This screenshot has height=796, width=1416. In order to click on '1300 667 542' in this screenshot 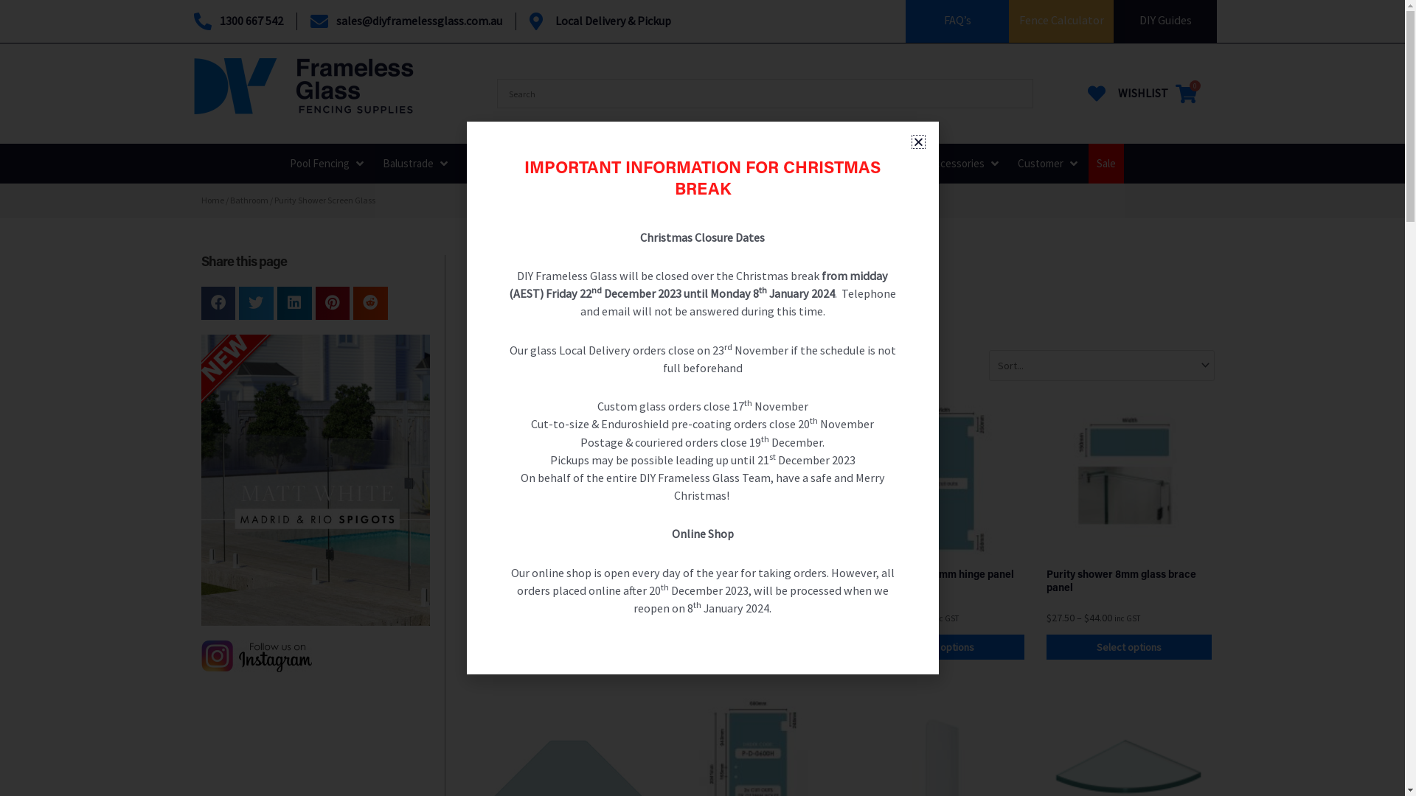, I will do `click(192, 21)`.